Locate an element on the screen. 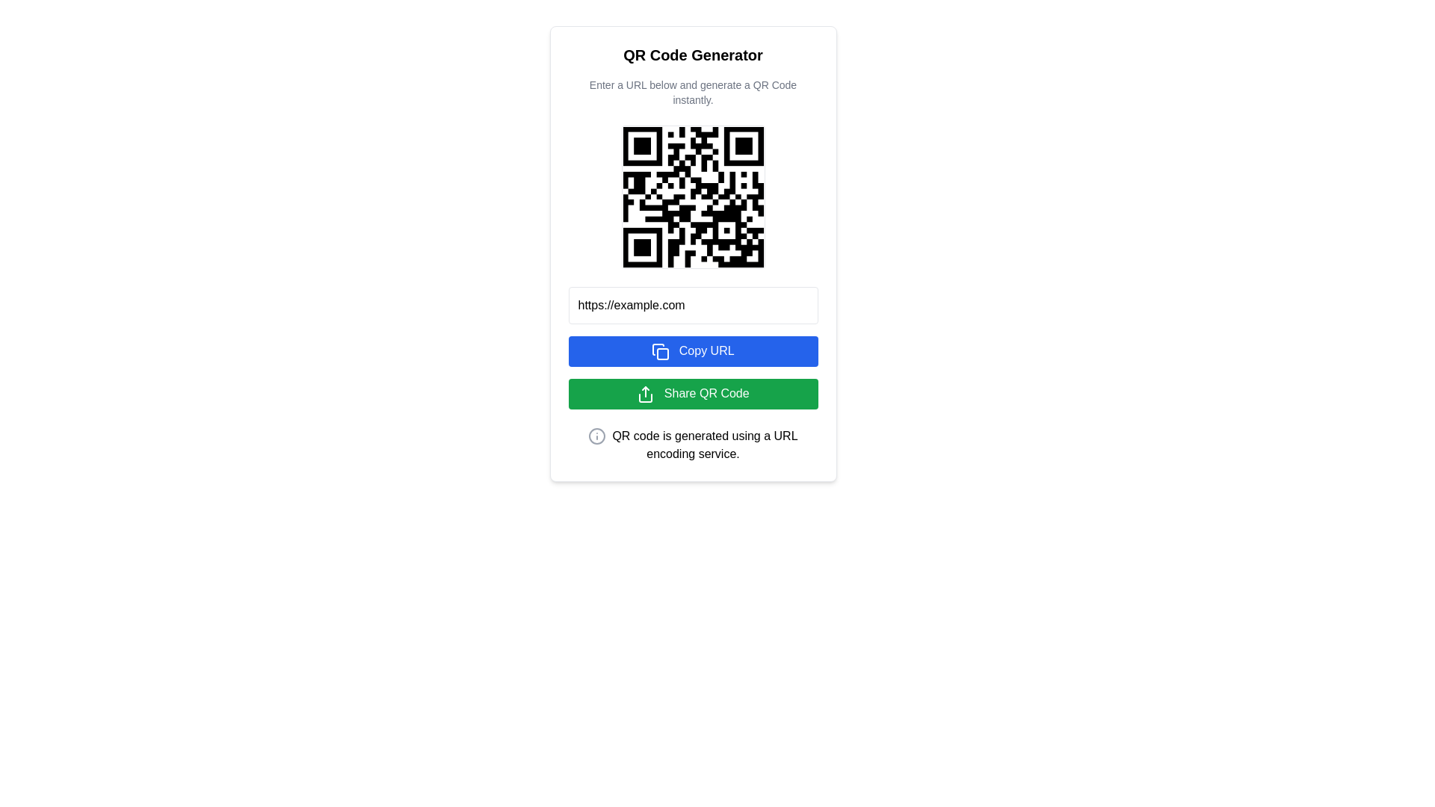  the blue 'Copy URL' button with rounded corners, located beneath the URL input field, to copy the URL is located at coordinates (692, 351).